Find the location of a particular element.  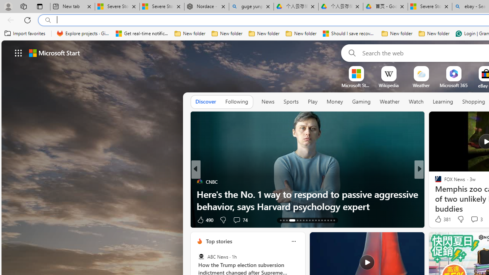

'AutomationID: tab-18' is located at coordinates (300, 220).